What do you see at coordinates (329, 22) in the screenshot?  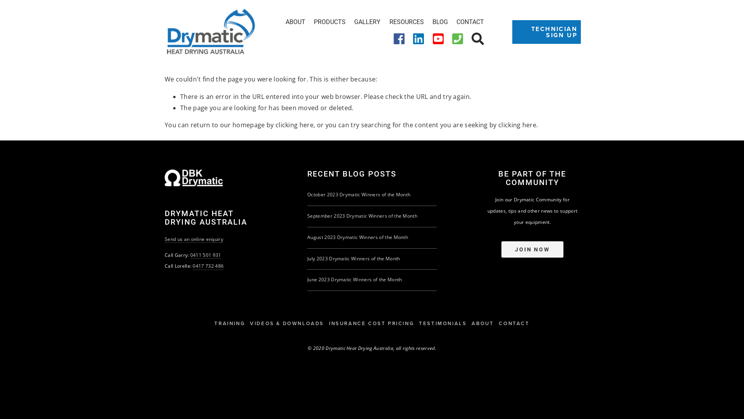 I see `'PRODUCTS'` at bounding box center [329, 22].